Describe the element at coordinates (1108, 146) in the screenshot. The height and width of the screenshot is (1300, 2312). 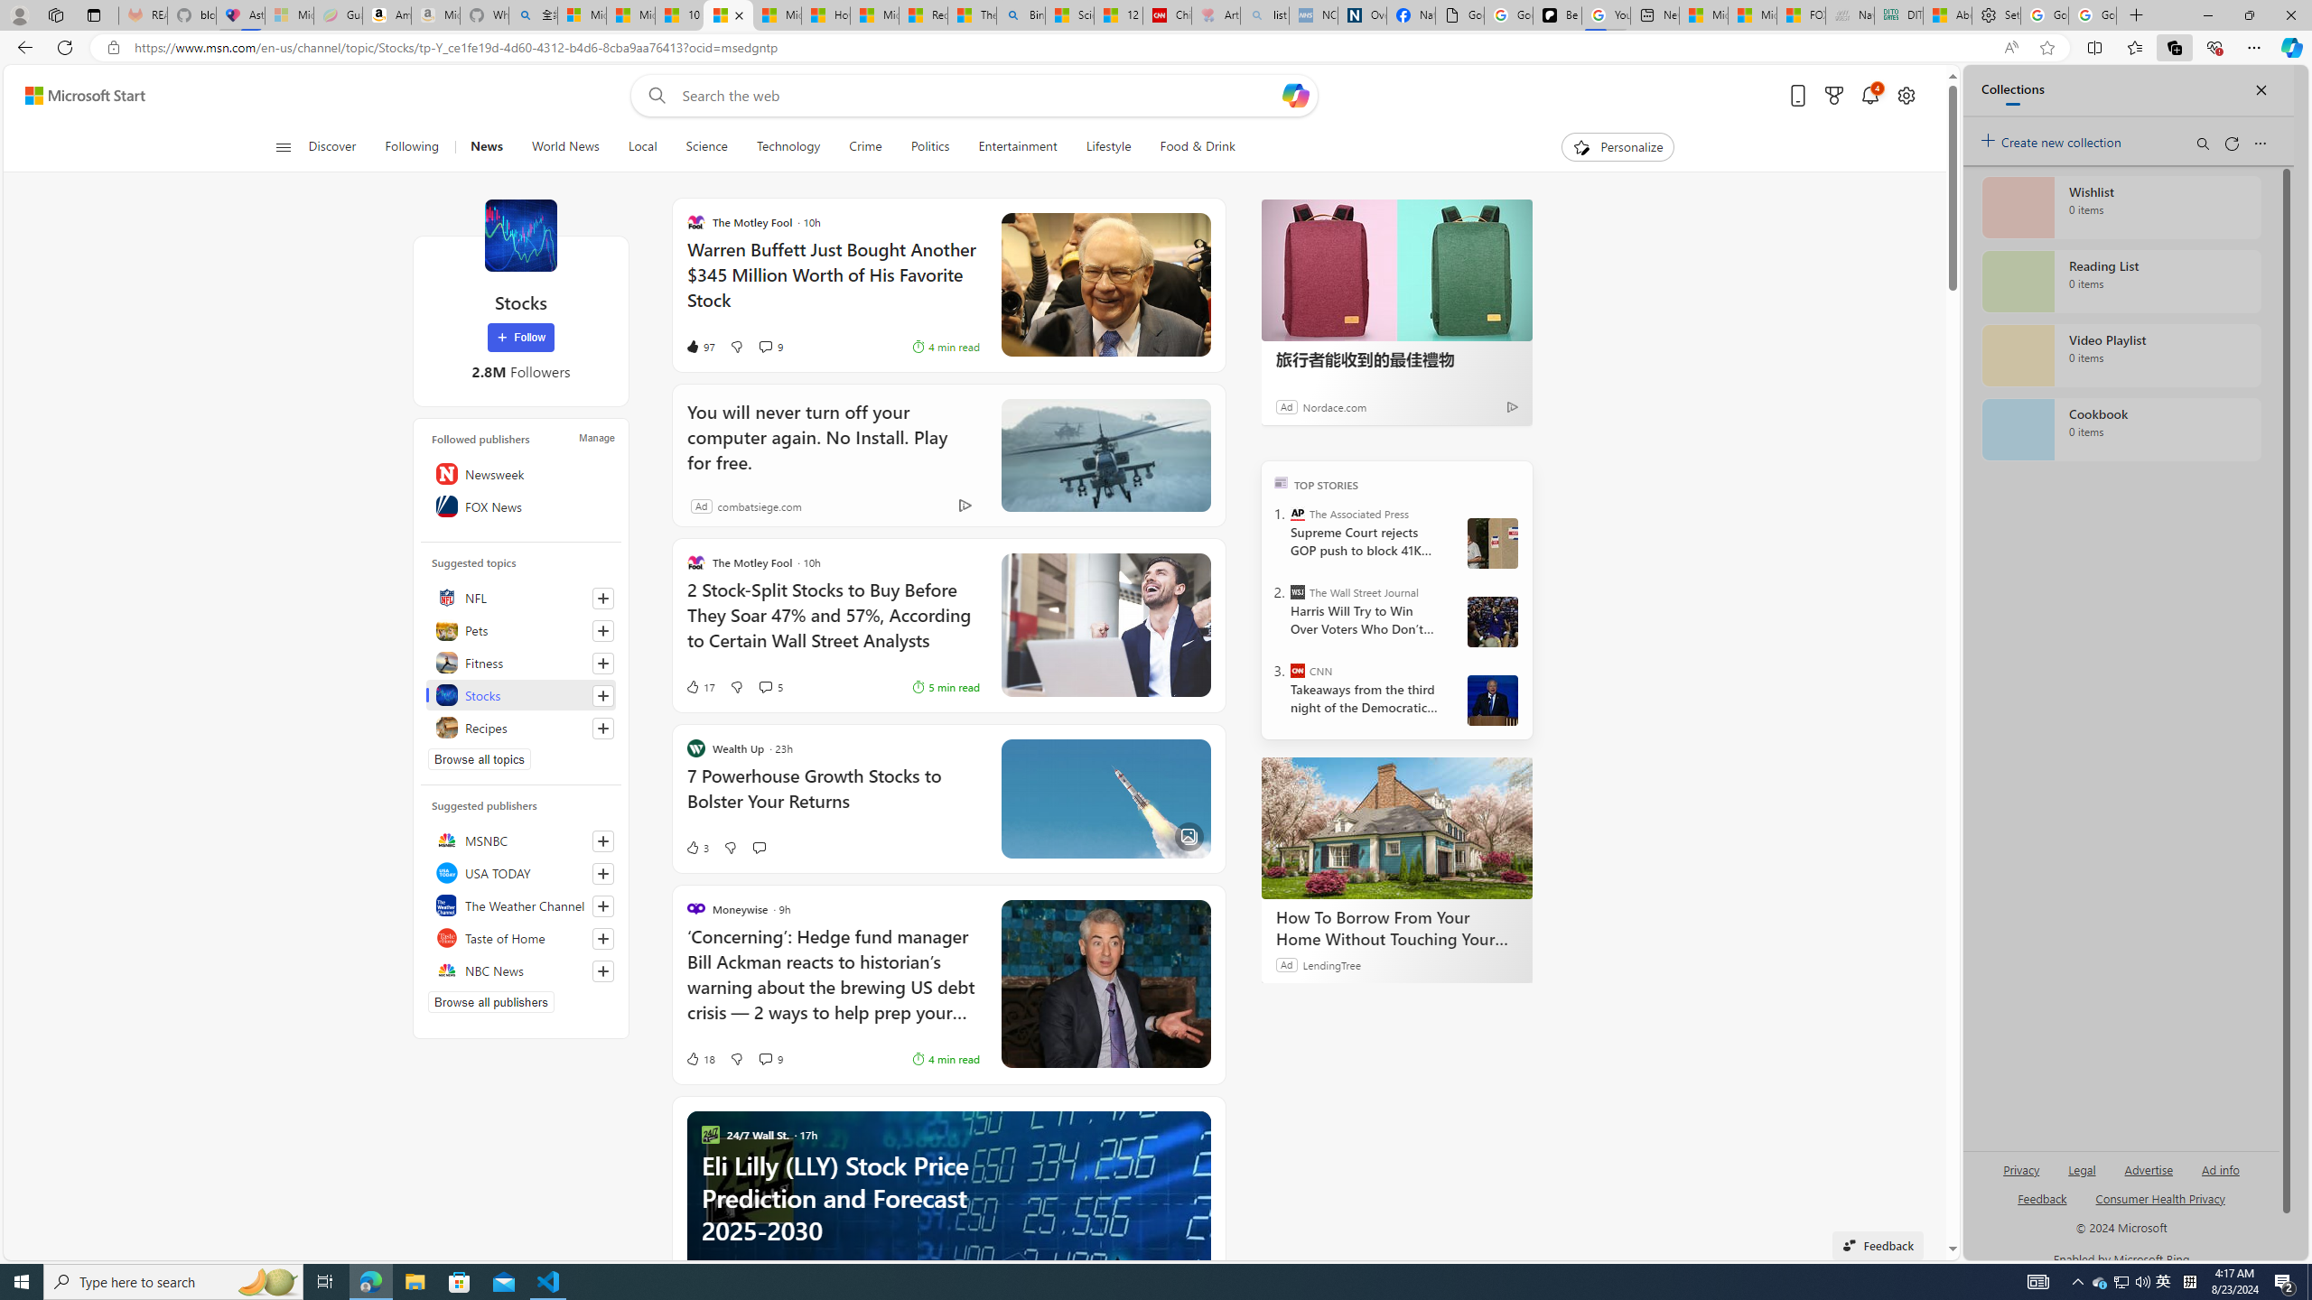
I see `'Lifestyle'` at that location.